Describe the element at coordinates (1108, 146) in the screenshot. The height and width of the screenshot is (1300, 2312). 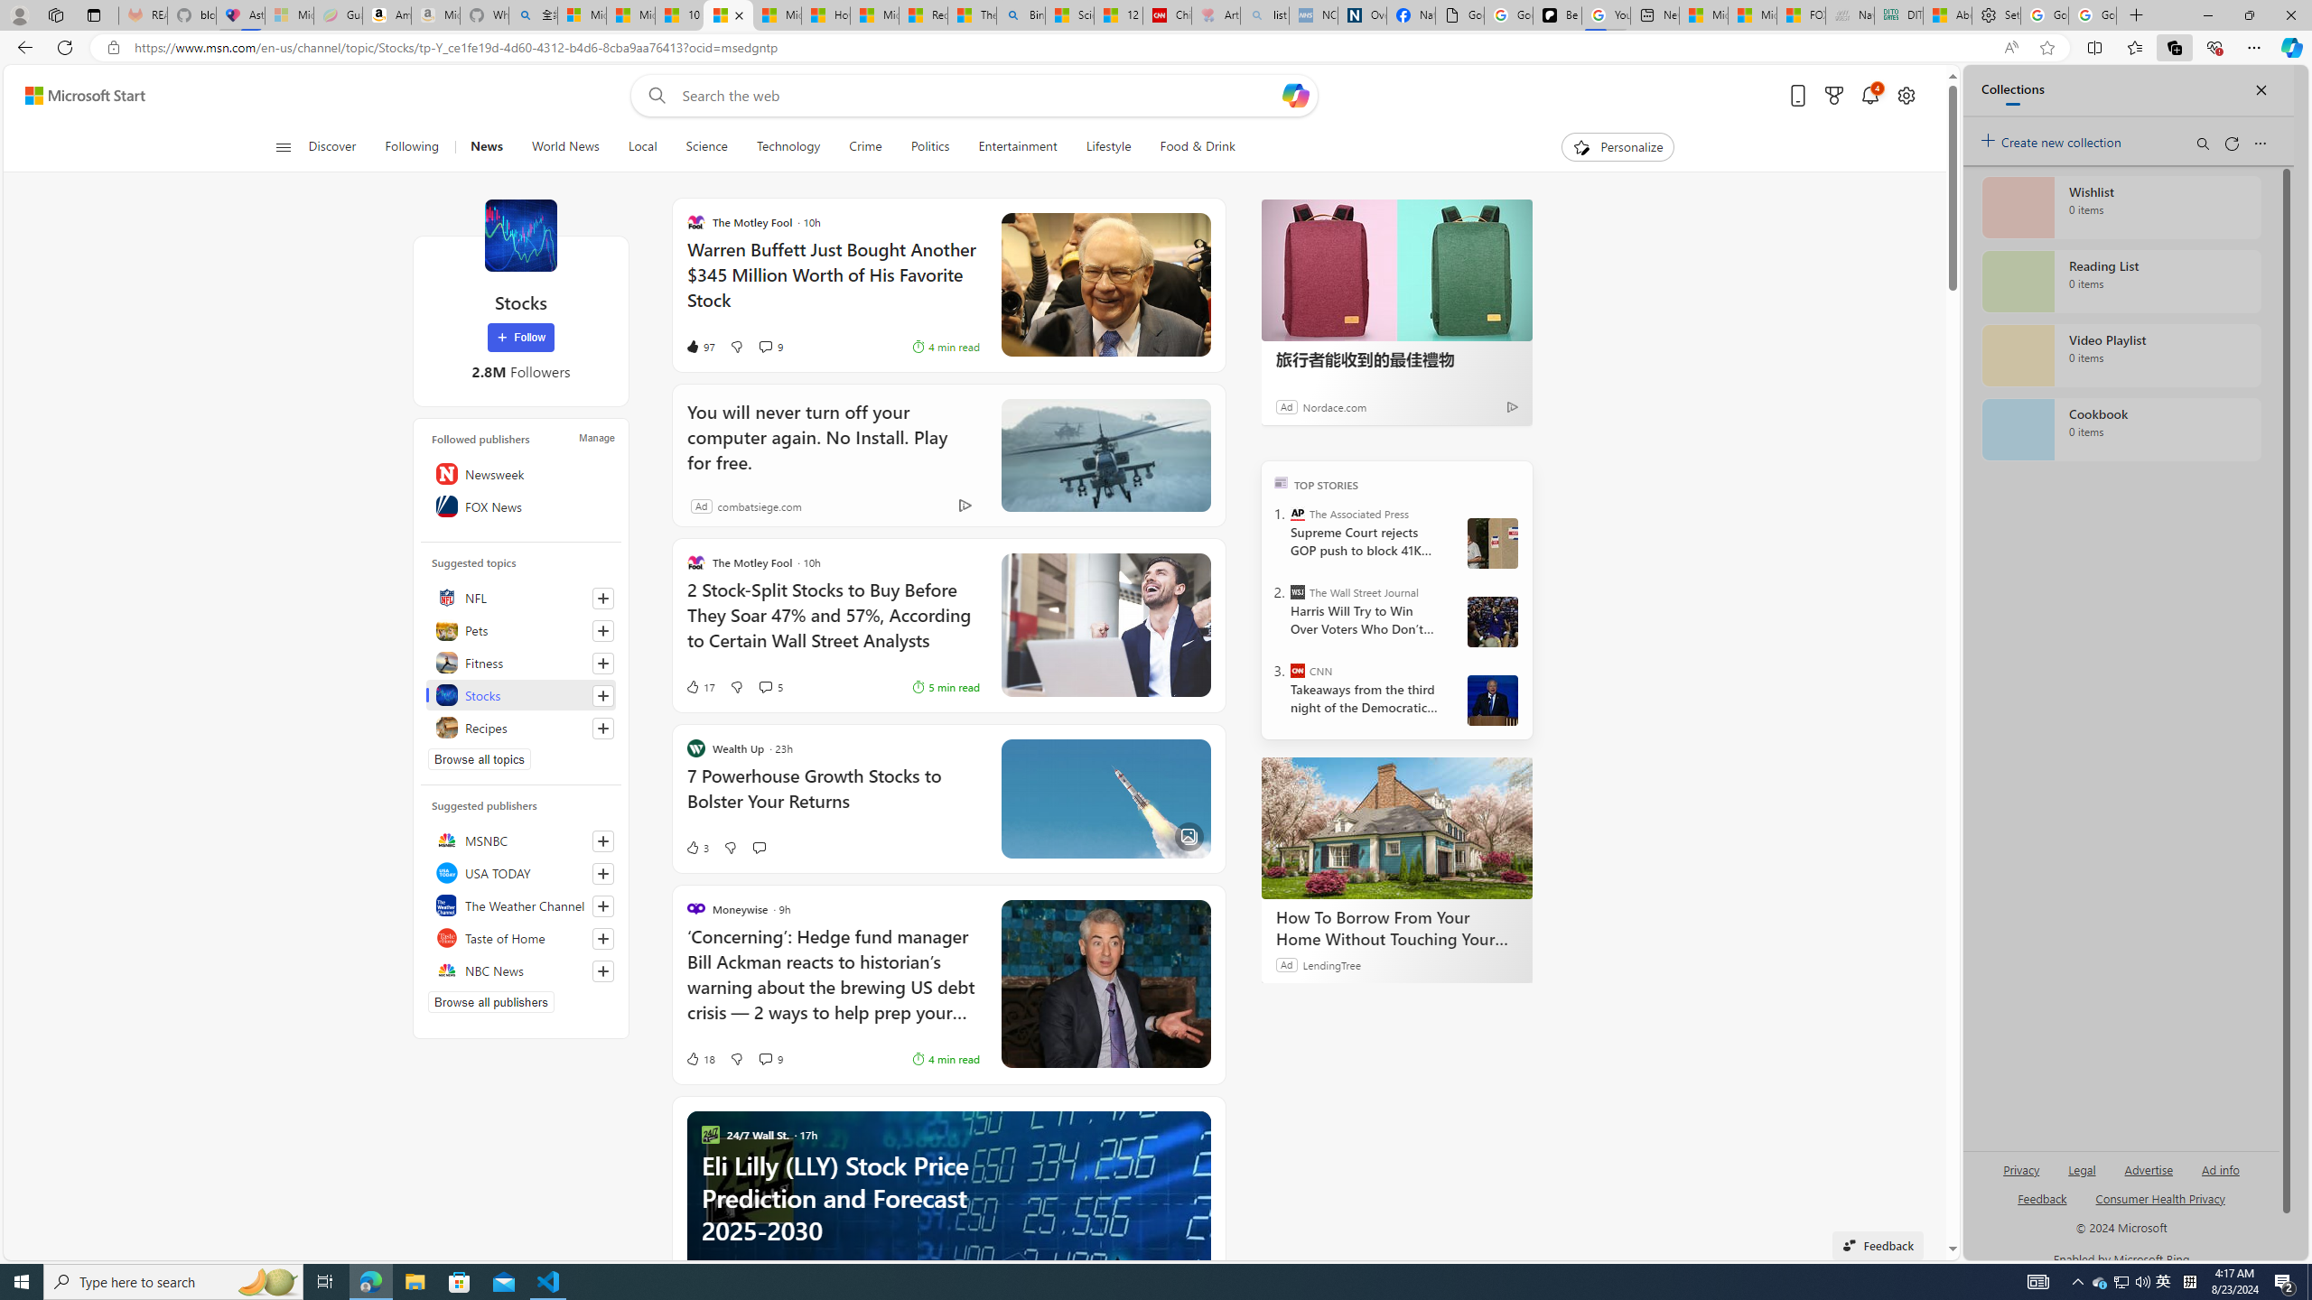
I see `'Lifestyle'` at that location.